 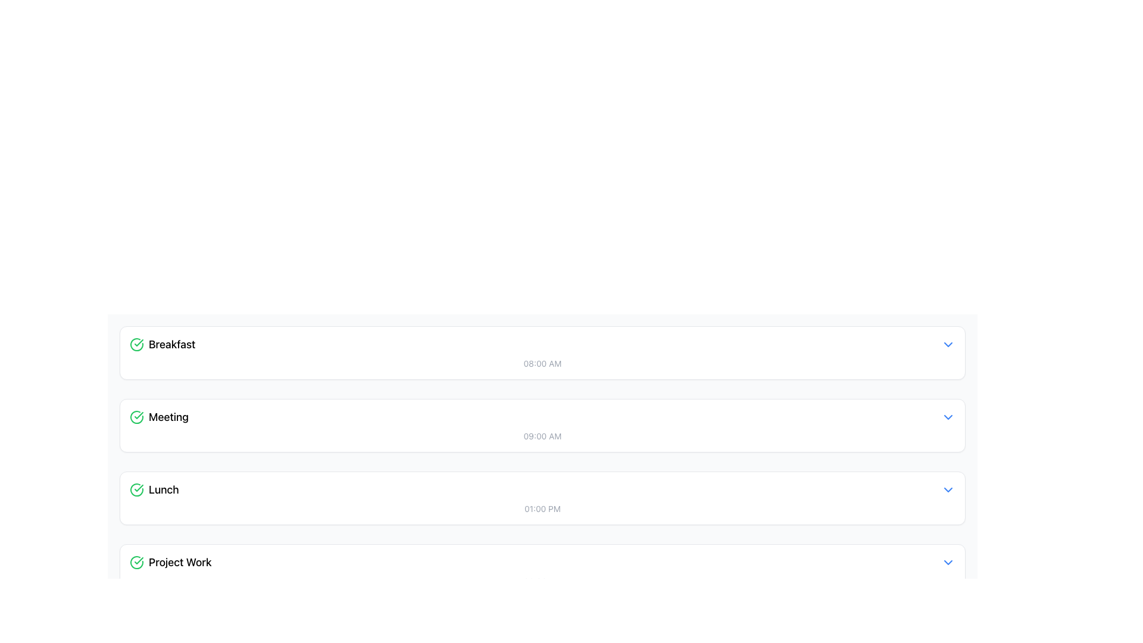 I want to click on the static 'Lunch' label with icon, which is the third item in the vertical list under the header 'Lunch', so click(x=154, y=489).